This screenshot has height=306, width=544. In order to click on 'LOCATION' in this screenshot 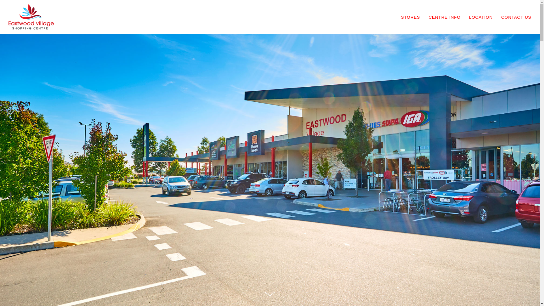, I will do `click(485, 17)`.